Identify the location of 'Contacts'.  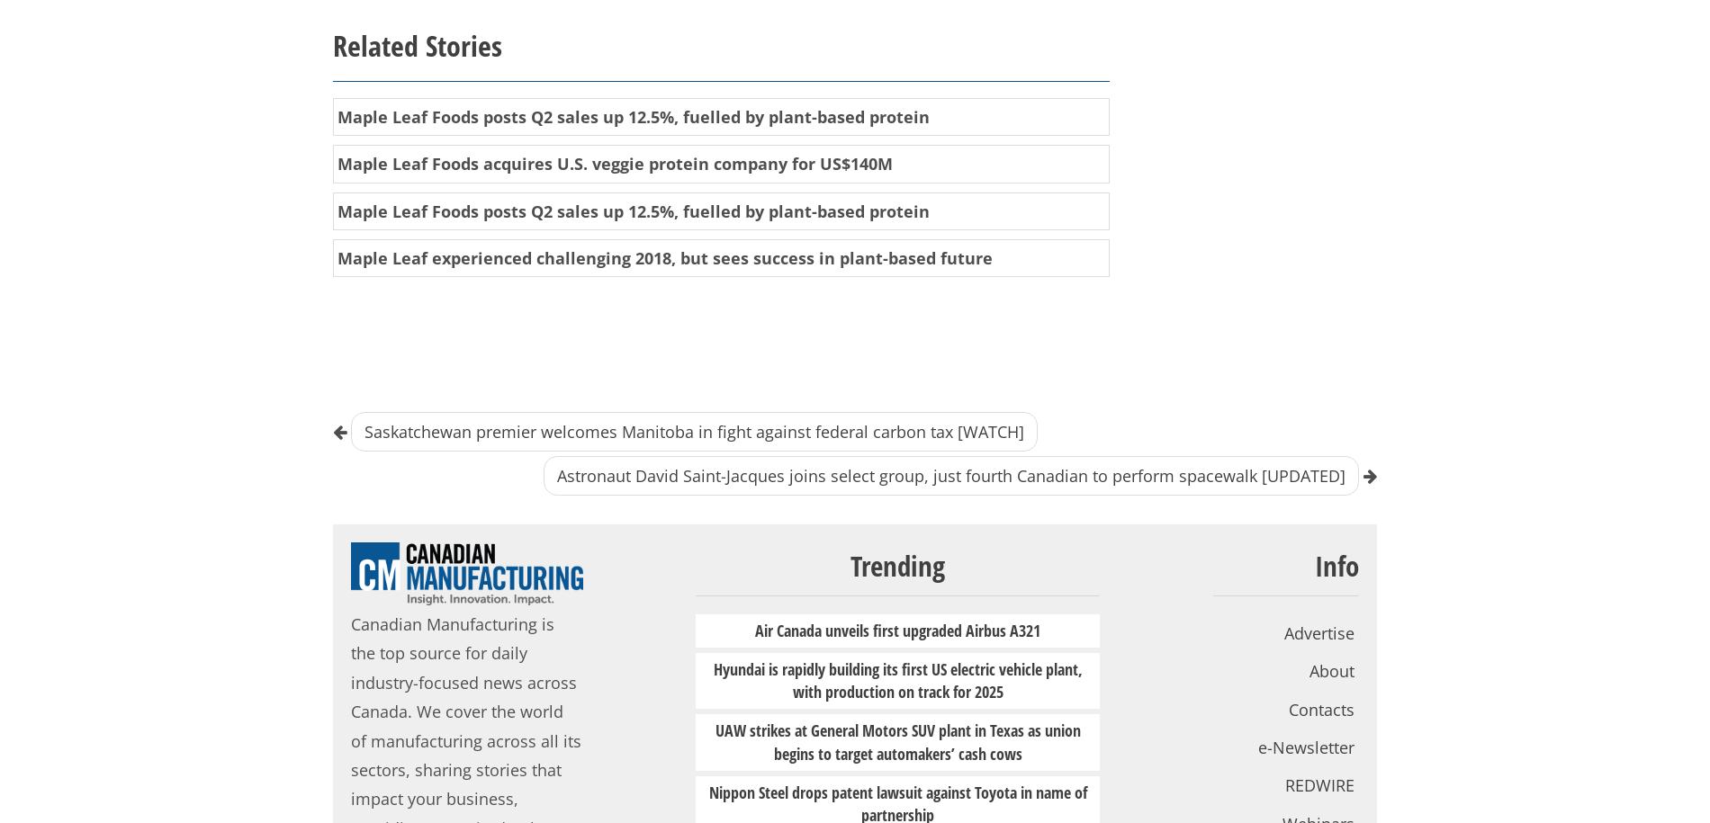
(1320, 707).